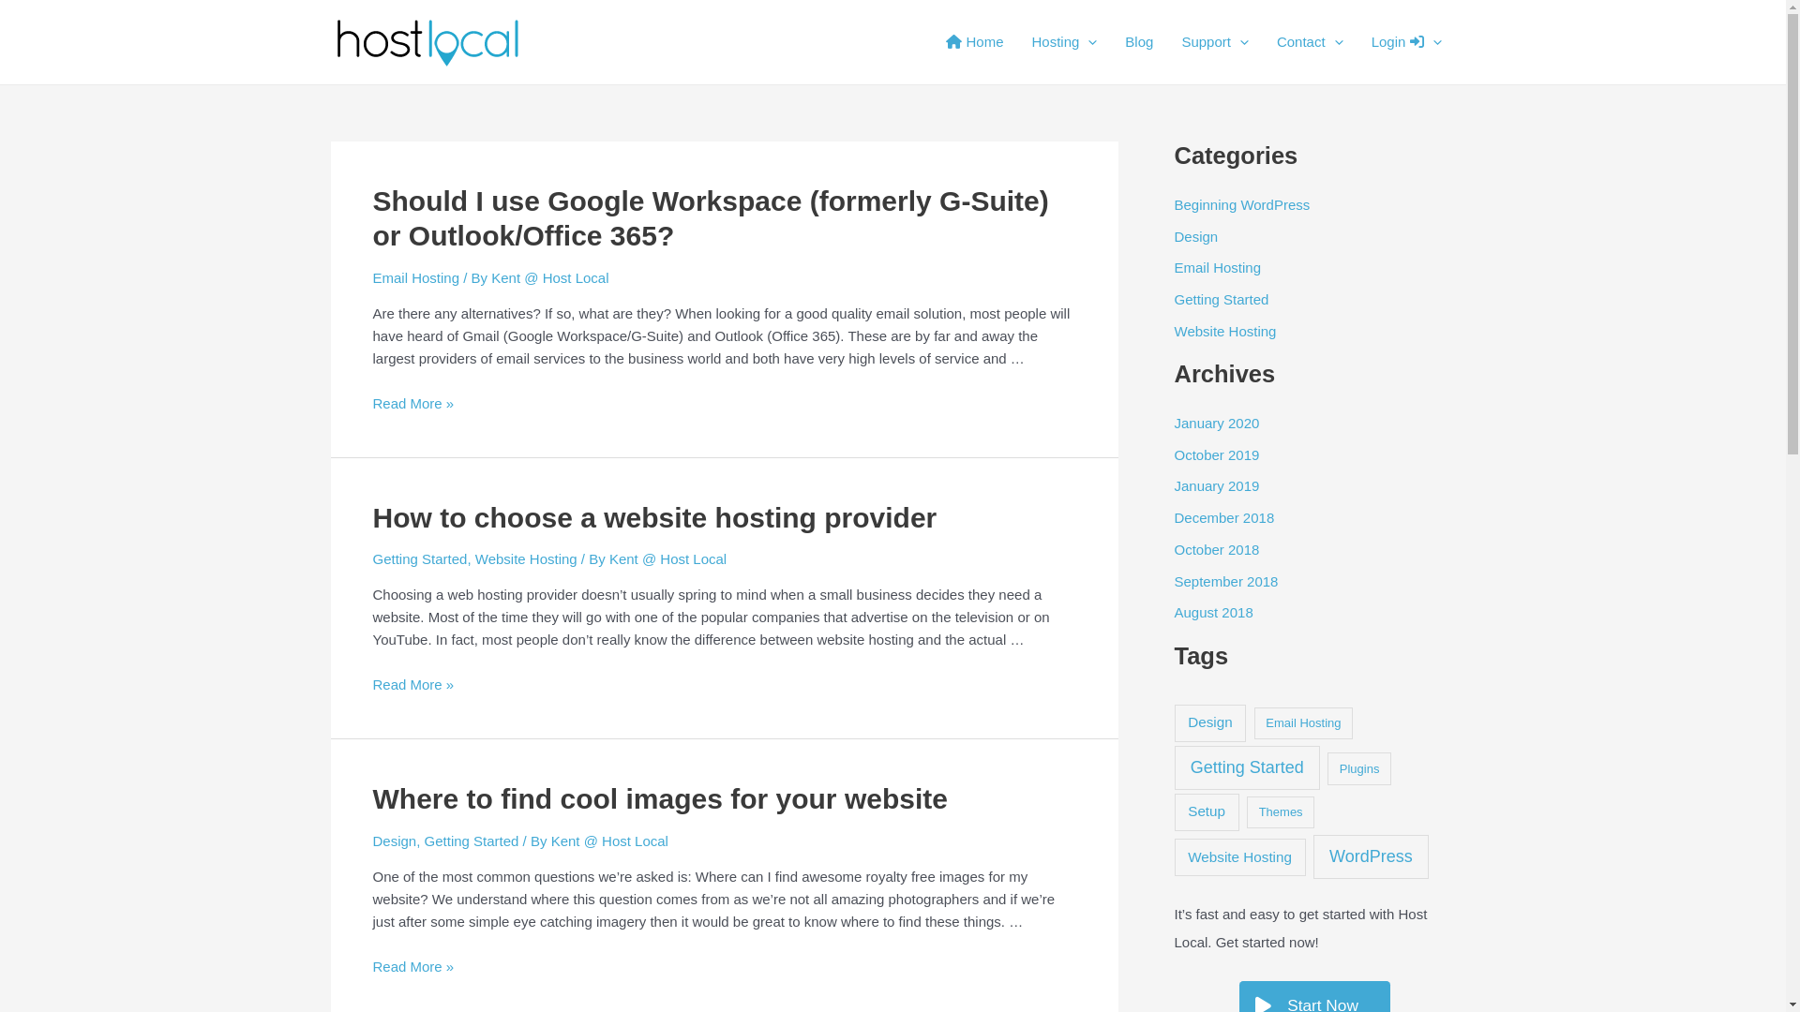 The image size is (1800, 1012). I want to click on 'Blog', so click(1137, 42).